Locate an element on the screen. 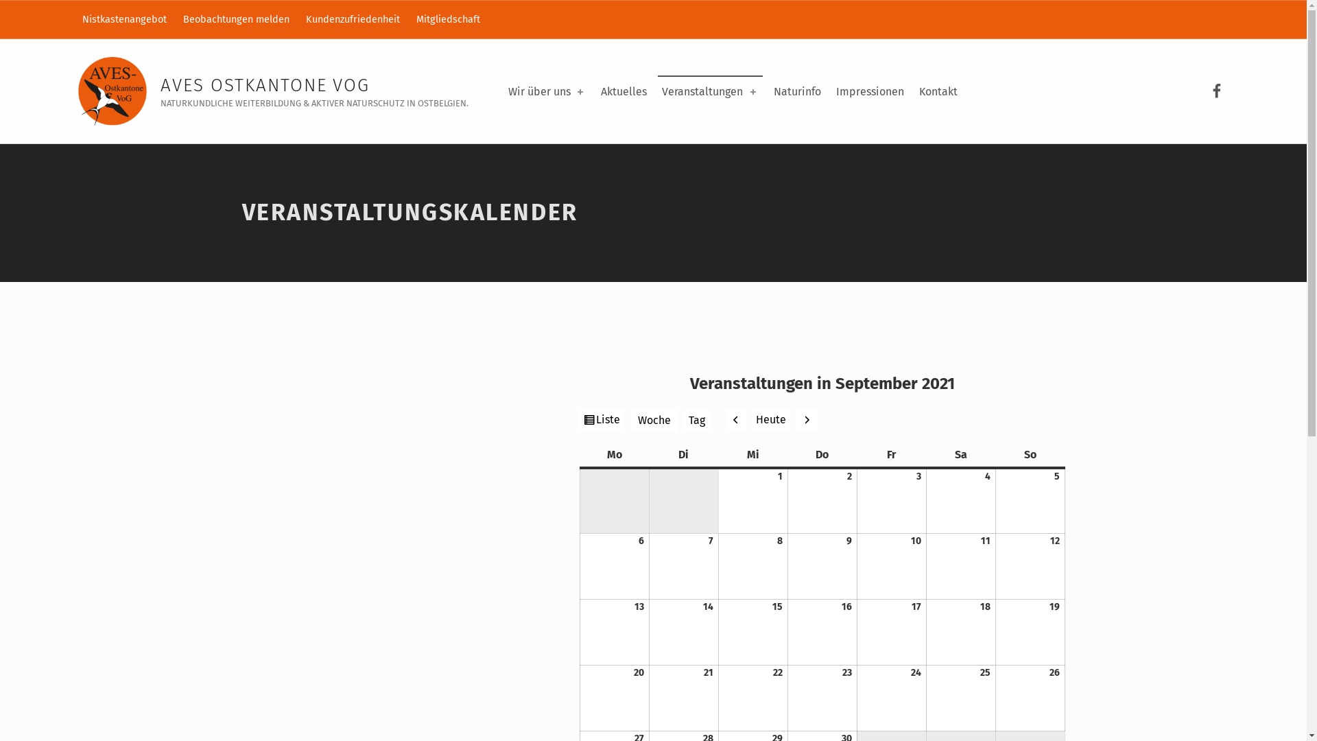 This screenshot has width=1317, height=741. 'Naturinfo' is located at coordinates (797, 92).